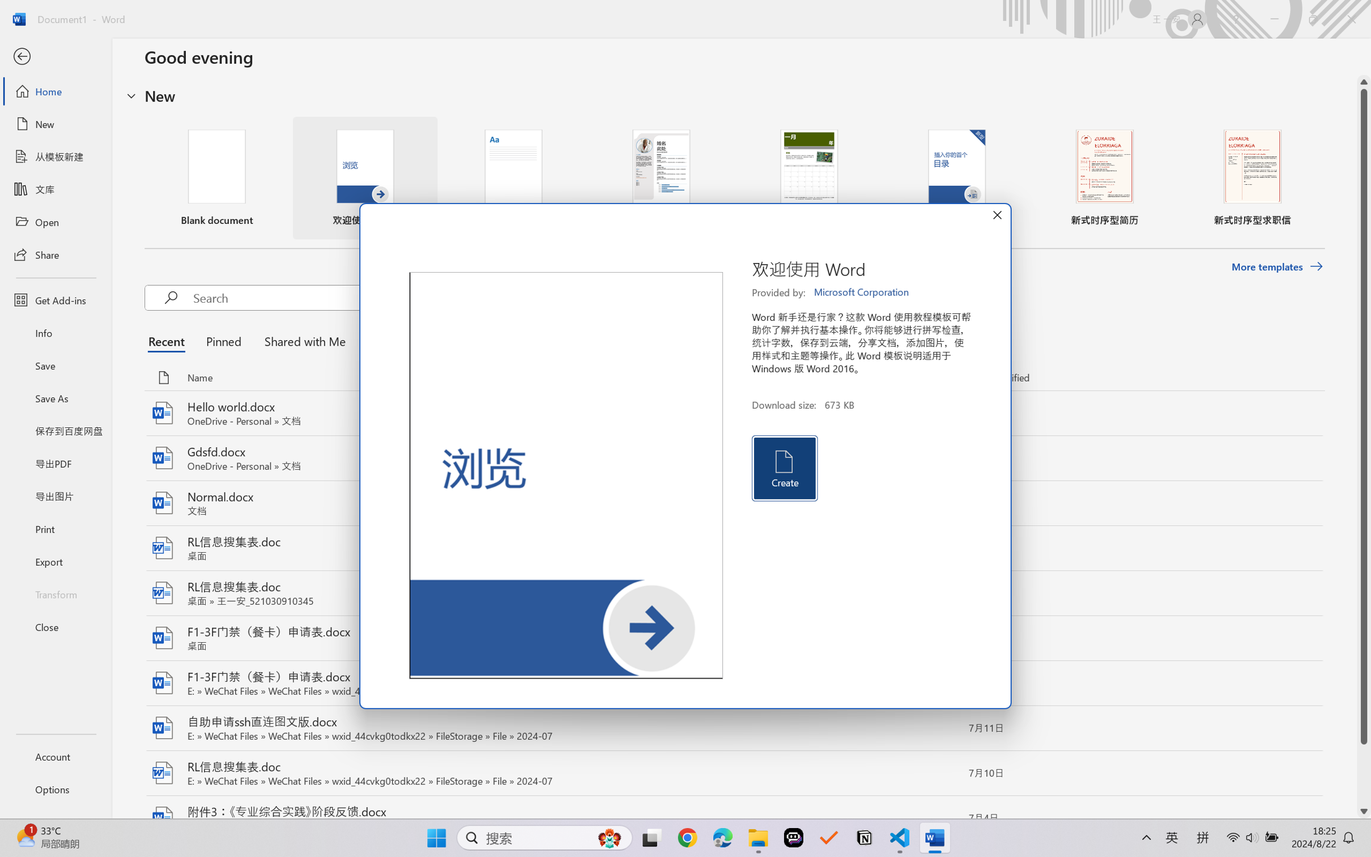  Describe the element at coordinates (169, 341) in the screenshot. I see `'Recent'` at that location.